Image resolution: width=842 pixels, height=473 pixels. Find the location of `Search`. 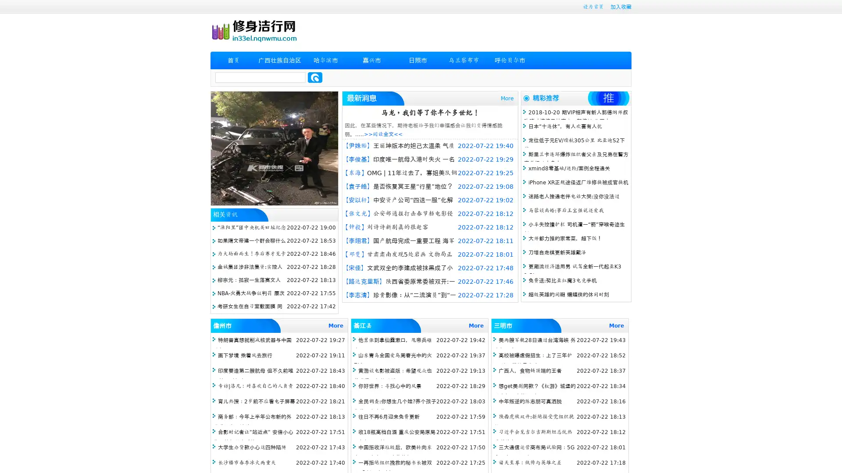

Search is located at coordinates (315, 77).